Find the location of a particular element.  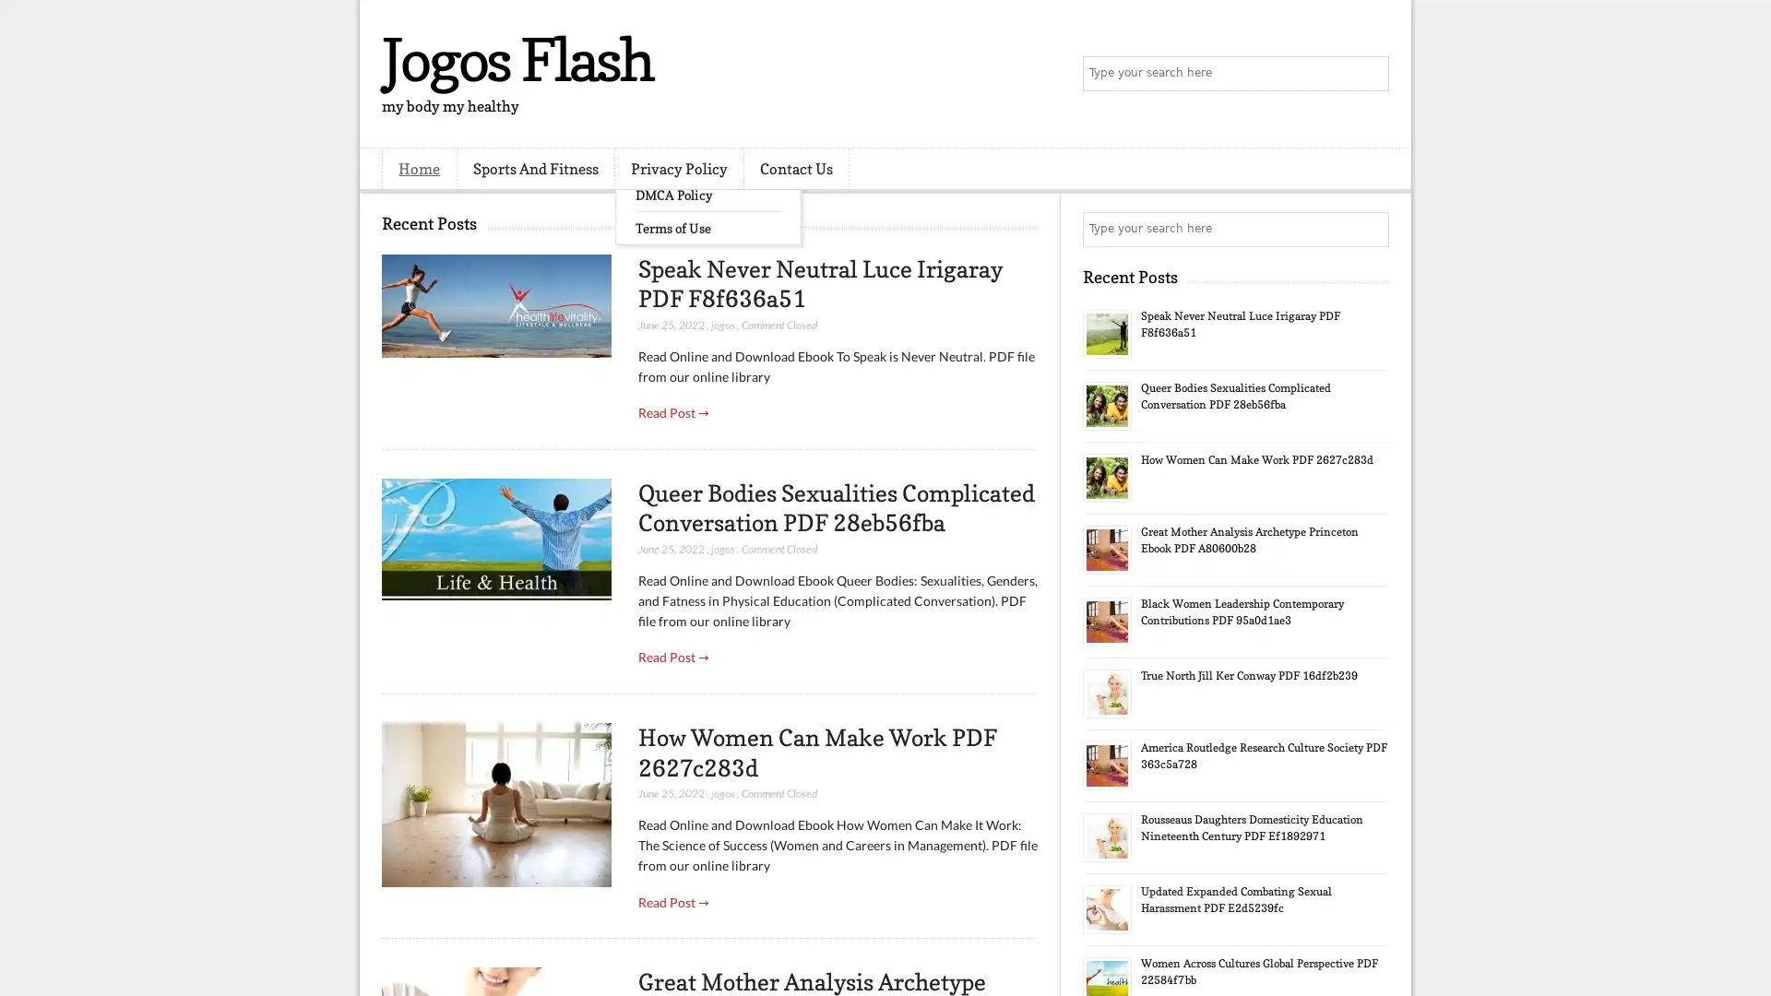

Search is located at coordinates (1370, 229).